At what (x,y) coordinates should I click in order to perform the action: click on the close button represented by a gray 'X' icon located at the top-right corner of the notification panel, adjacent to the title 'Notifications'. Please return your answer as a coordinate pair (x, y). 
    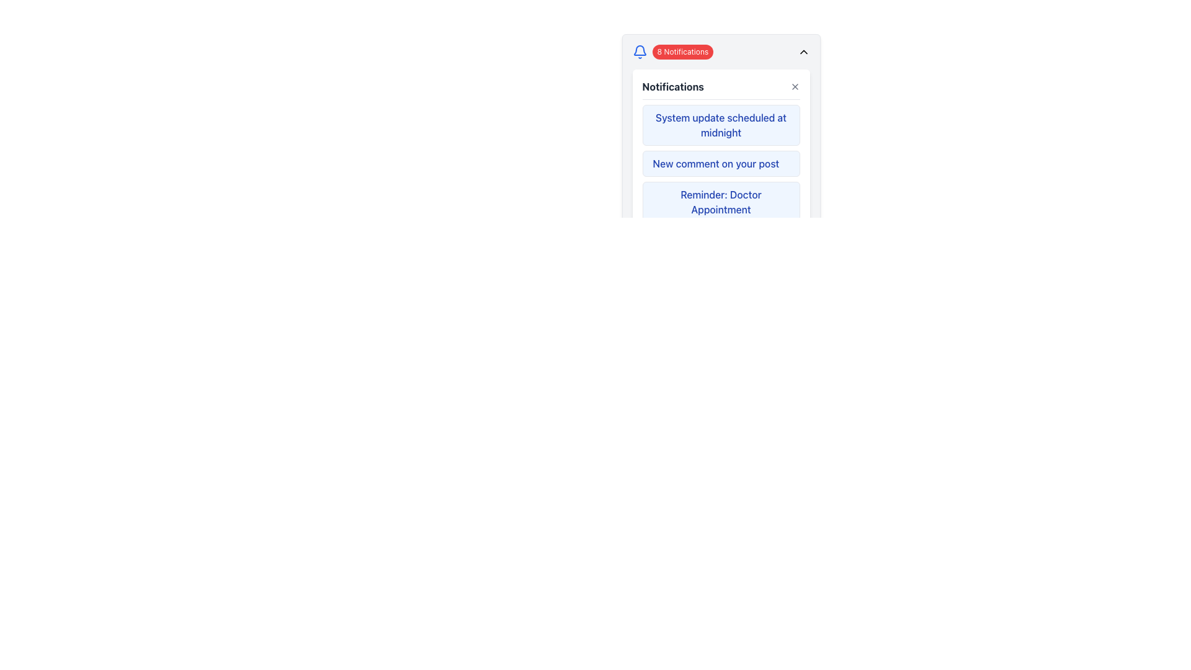
    Looking at the image, I should click on (795, 86).